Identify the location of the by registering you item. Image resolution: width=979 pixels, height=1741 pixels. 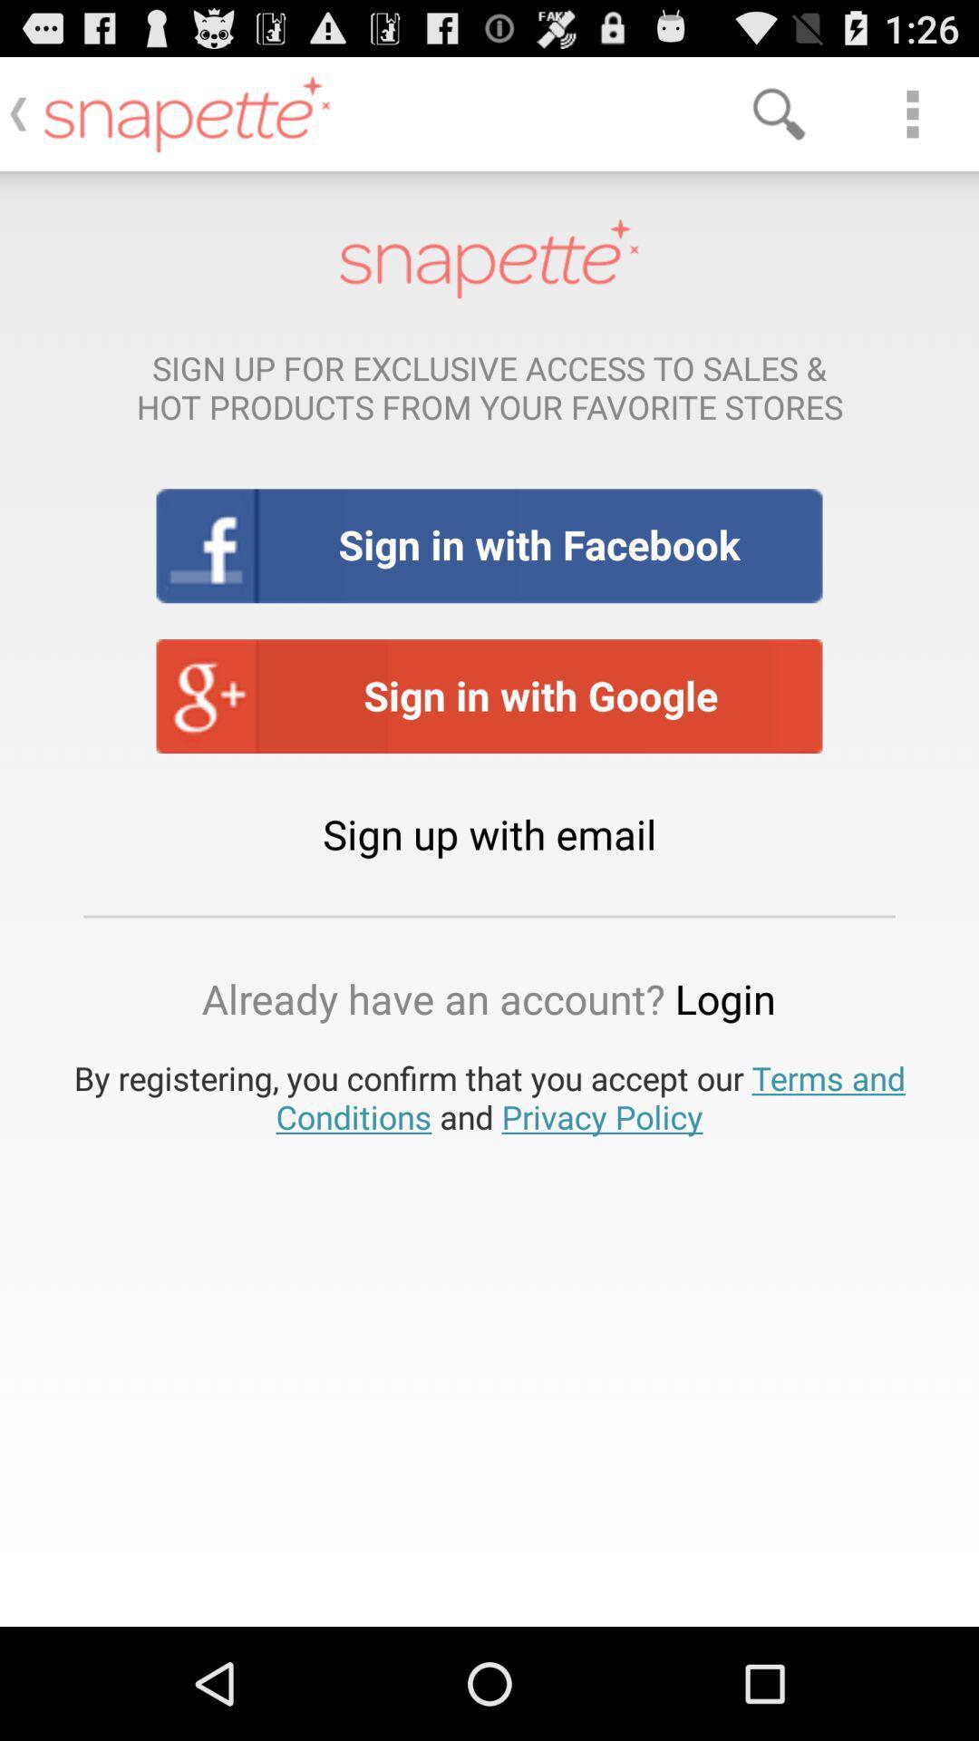
(489, 1096).